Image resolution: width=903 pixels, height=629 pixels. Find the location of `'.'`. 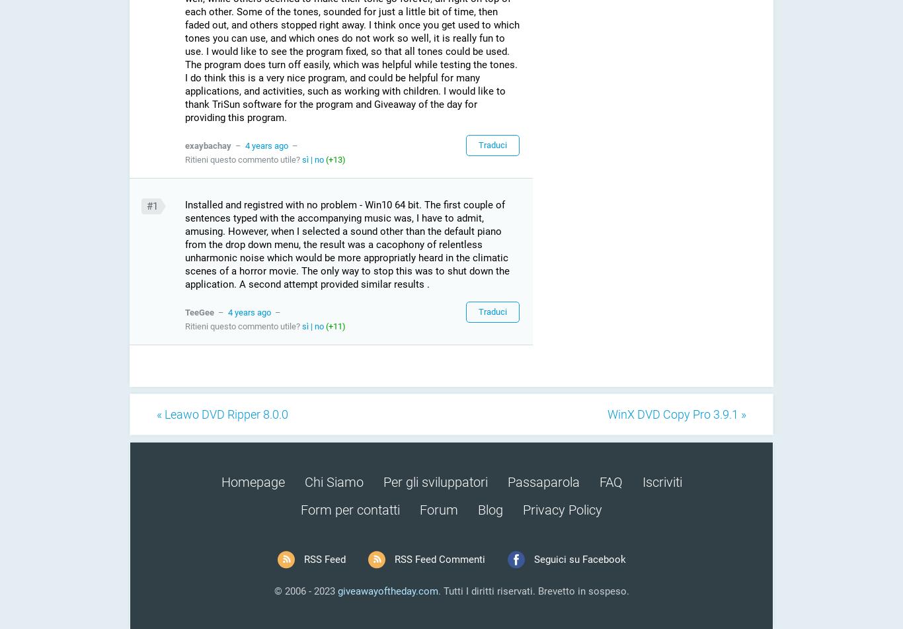

'.' is located at coordinates (436, 591).